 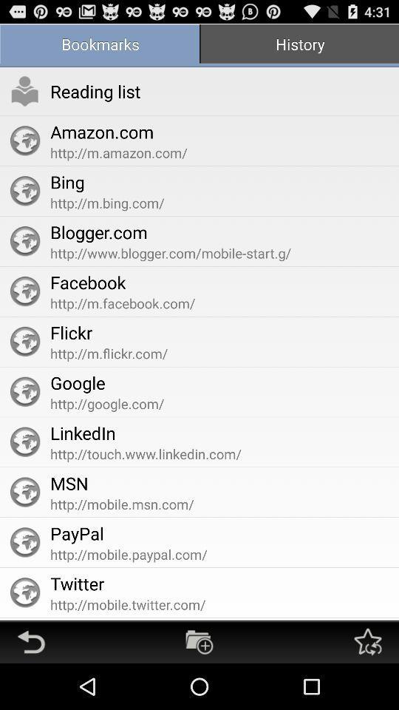 I want to click on history item, so click(x=299, y=45).